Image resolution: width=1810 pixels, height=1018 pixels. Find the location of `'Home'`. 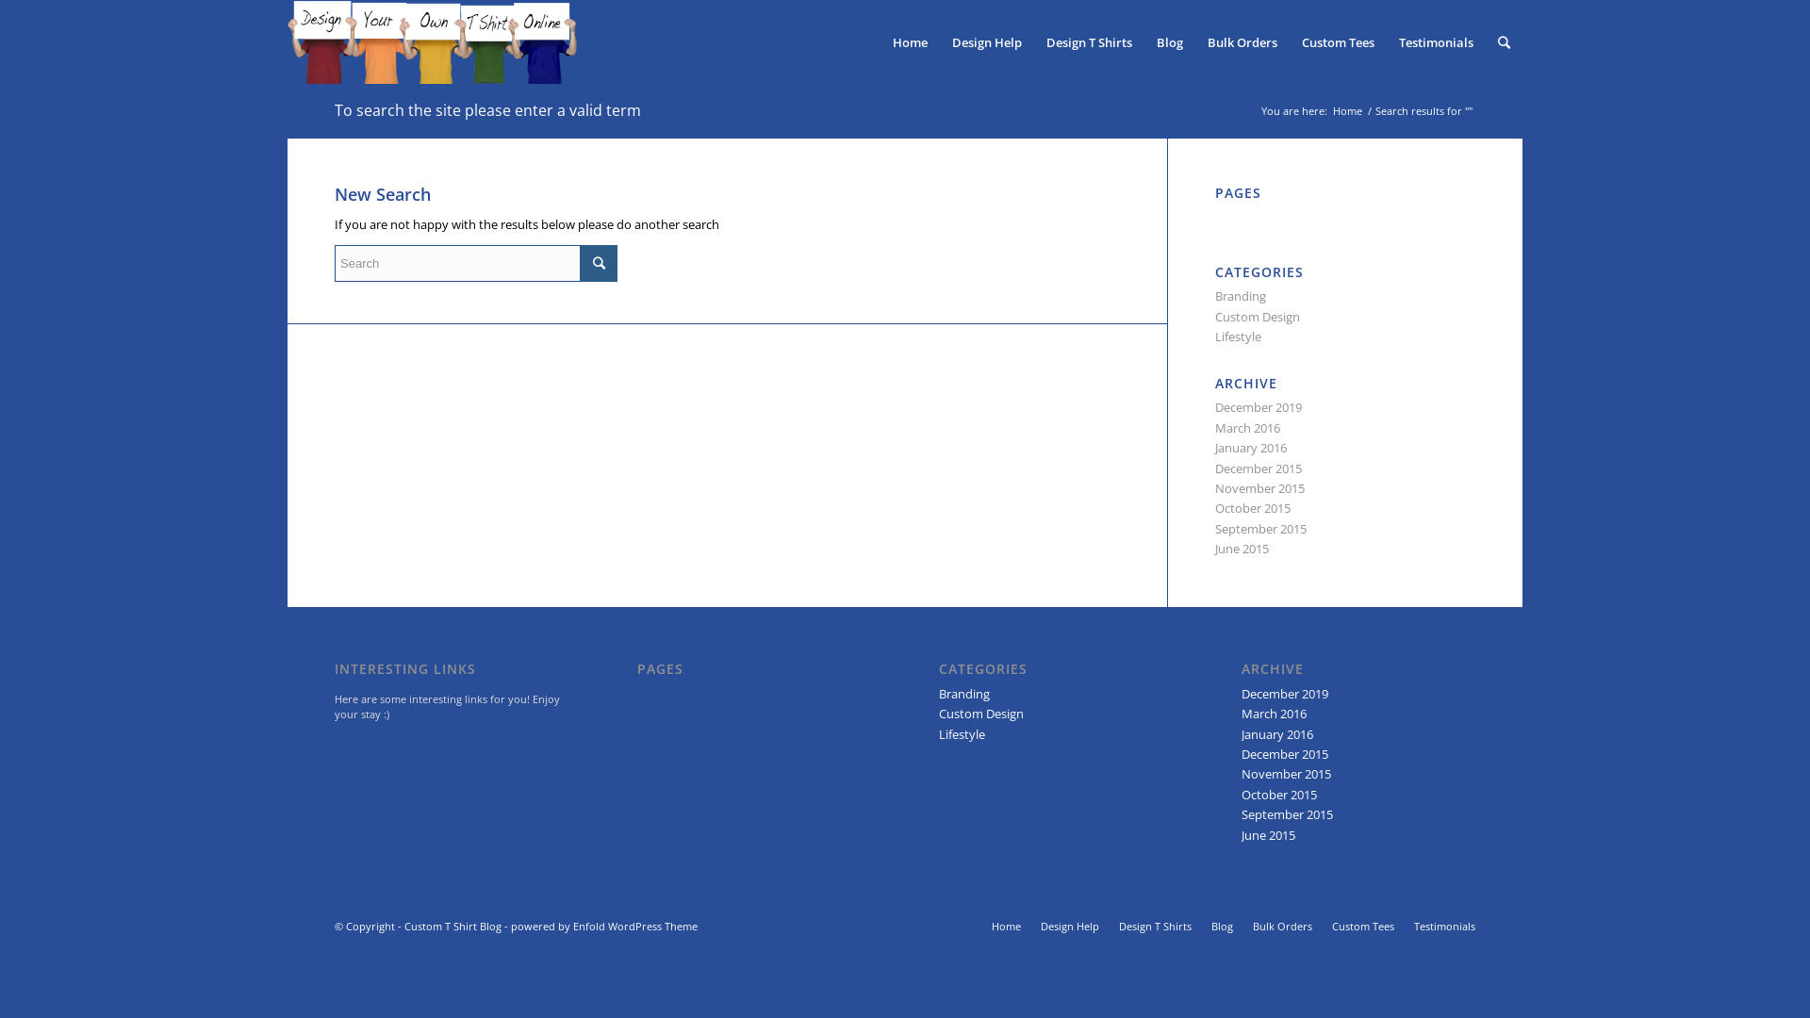

'Home' is located at coordinates (1329, 110).